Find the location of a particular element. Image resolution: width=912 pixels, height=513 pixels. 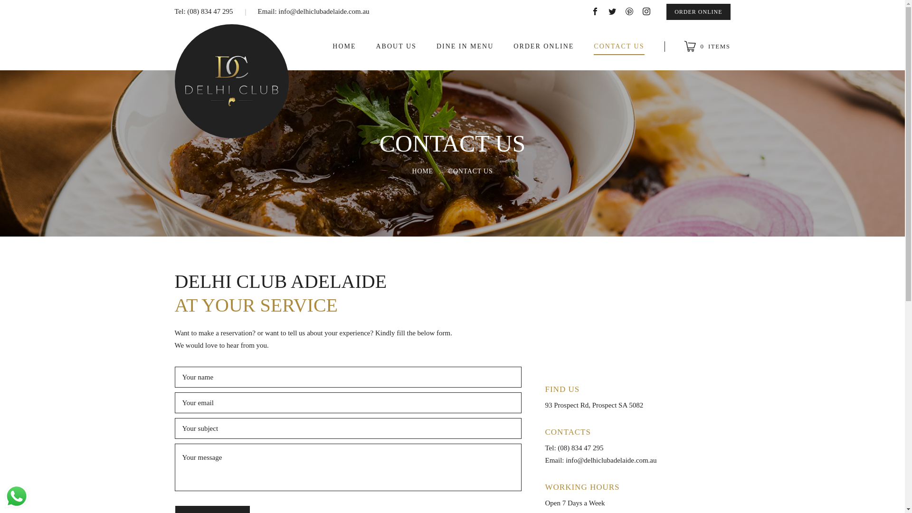

'facebook' is located at coordinates (594, 11).